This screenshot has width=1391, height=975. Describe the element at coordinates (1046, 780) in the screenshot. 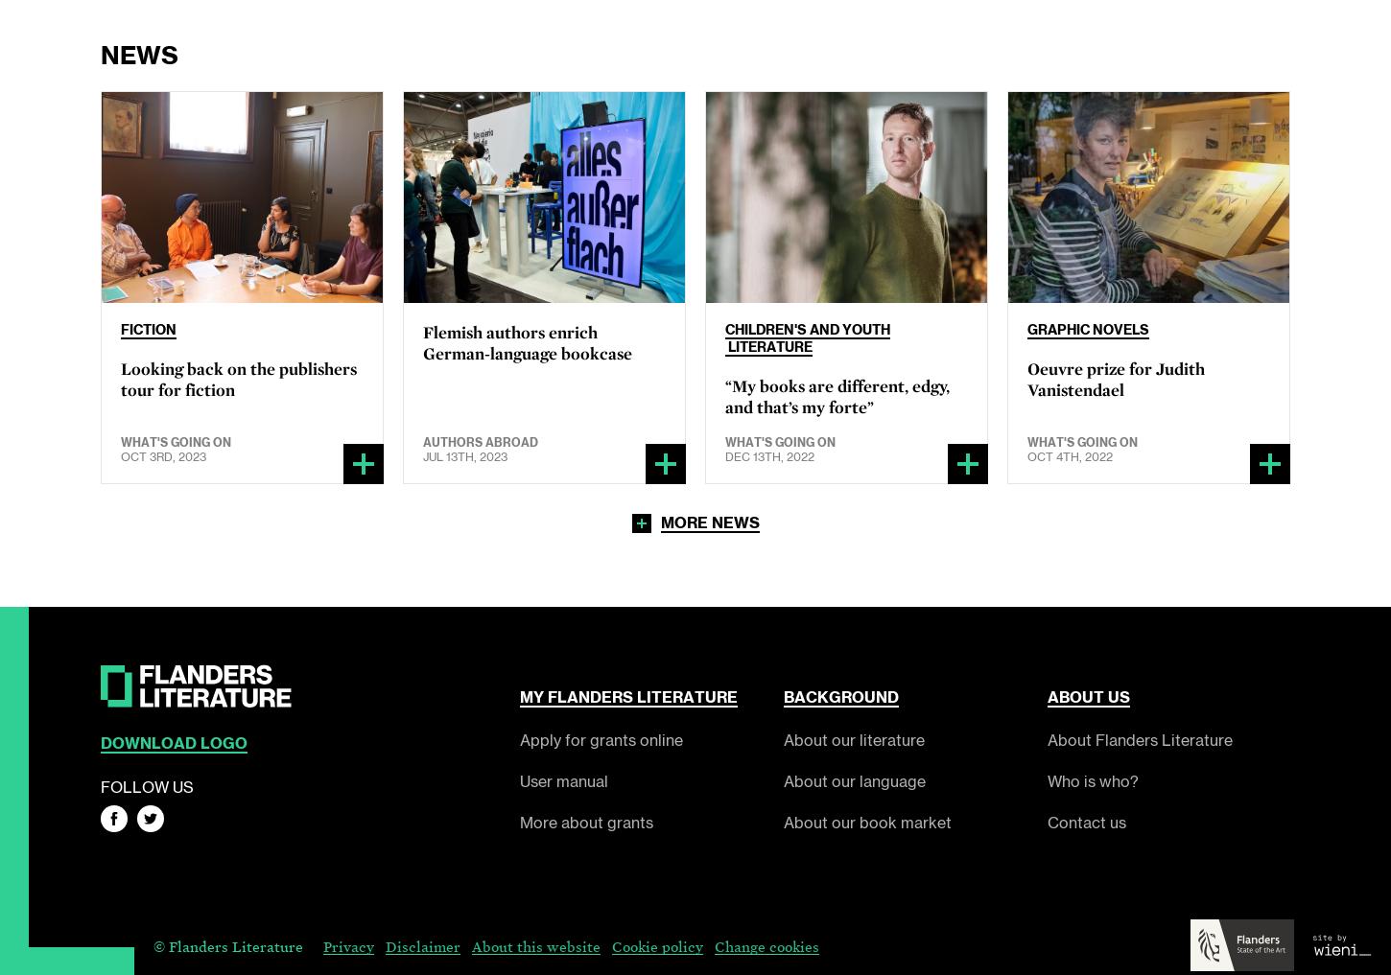

I see `'Who is who?'` at that location.